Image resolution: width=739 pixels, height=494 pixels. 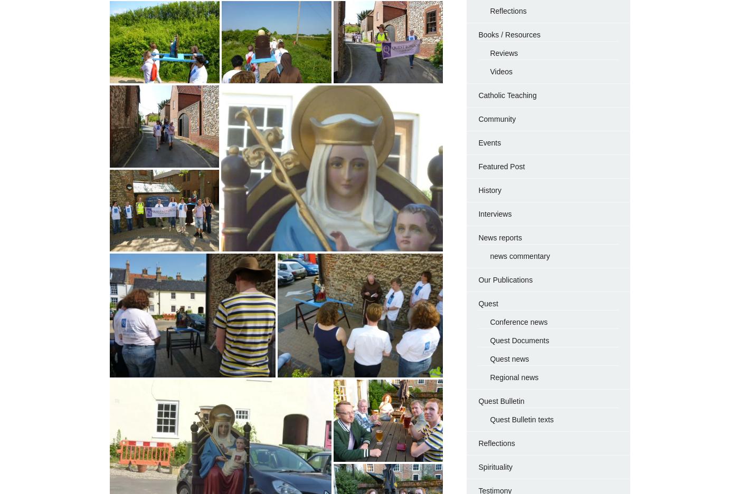 I want to click on 'Community', so click(x=497, y=118).